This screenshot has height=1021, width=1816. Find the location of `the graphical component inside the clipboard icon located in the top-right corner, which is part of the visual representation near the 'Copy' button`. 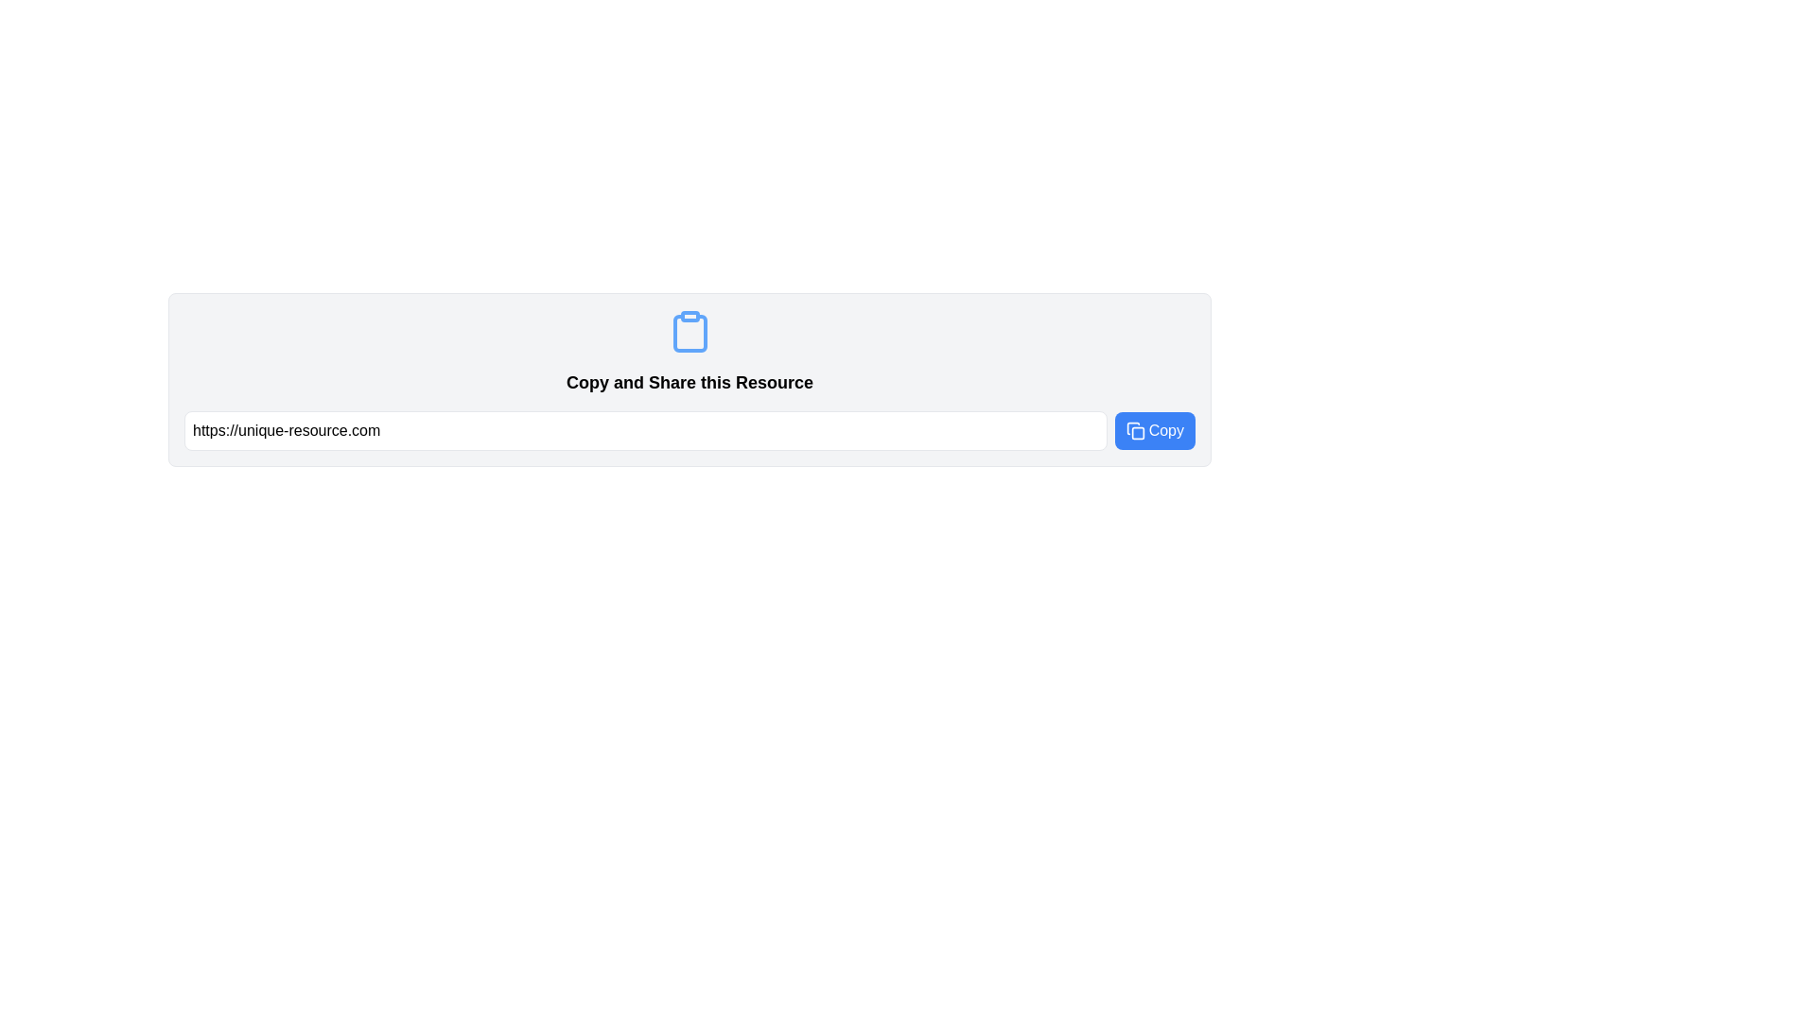

the graphical component inside the clipboard icon located in the top-right corner, which is part of the visual representation near the 'Copy' button is located at coordinates (1137, 433).